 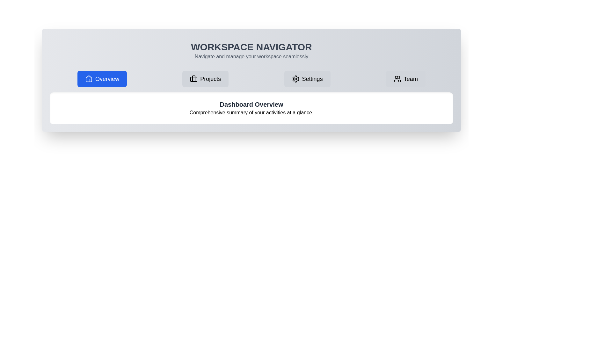 I want to click on the title and descriptive text element that provides an overview for the dashboard interface, located below the 'WORKSPACE NAVIGATOR' header and navigation buttons, so click(x=251, y=108).